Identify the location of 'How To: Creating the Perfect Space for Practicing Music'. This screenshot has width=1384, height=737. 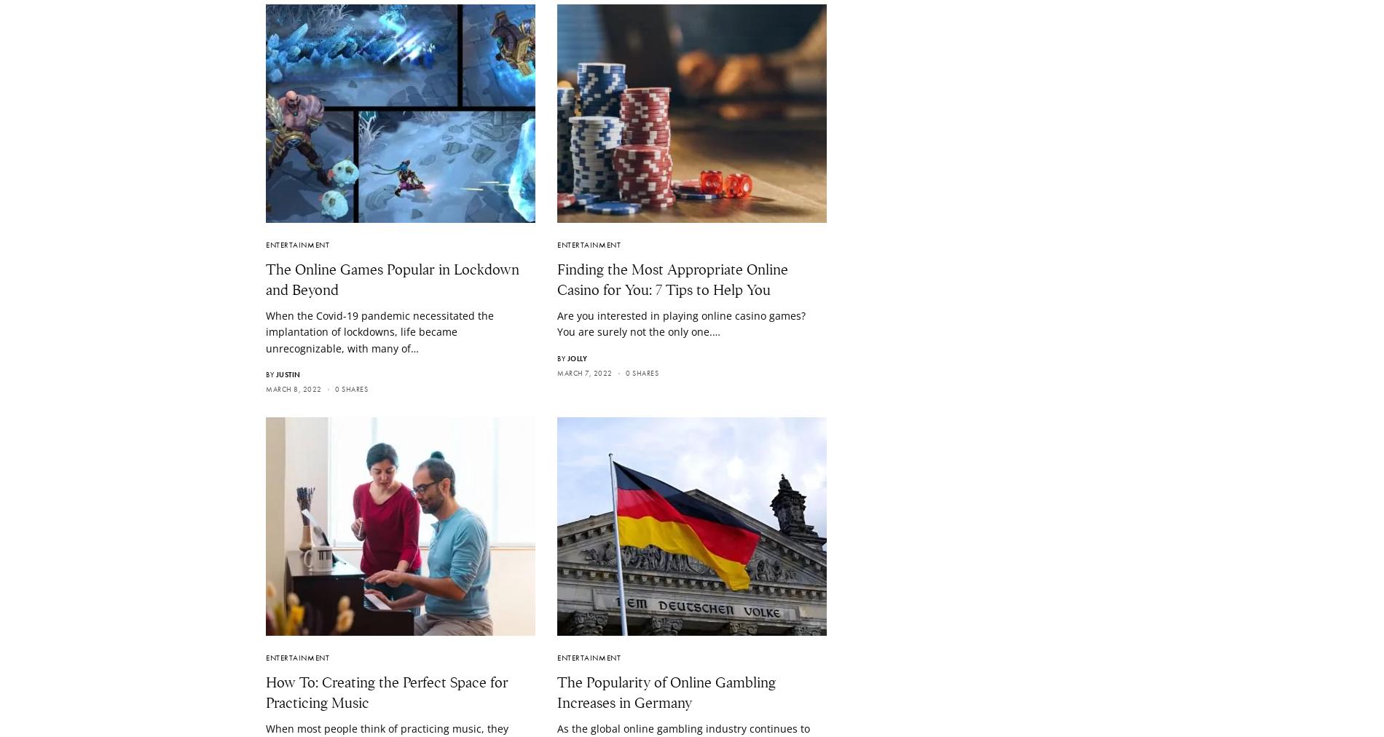
(387, 692).